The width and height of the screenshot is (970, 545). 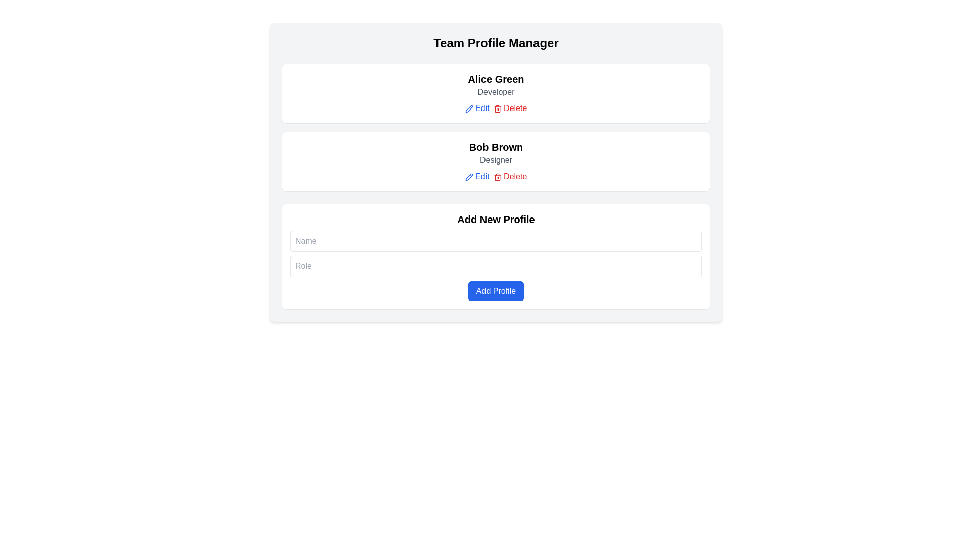 I want to click on the 'Edit' button for the user profile of 'Bob Brown' to initiate the edit action, so click(x=476, y=176).